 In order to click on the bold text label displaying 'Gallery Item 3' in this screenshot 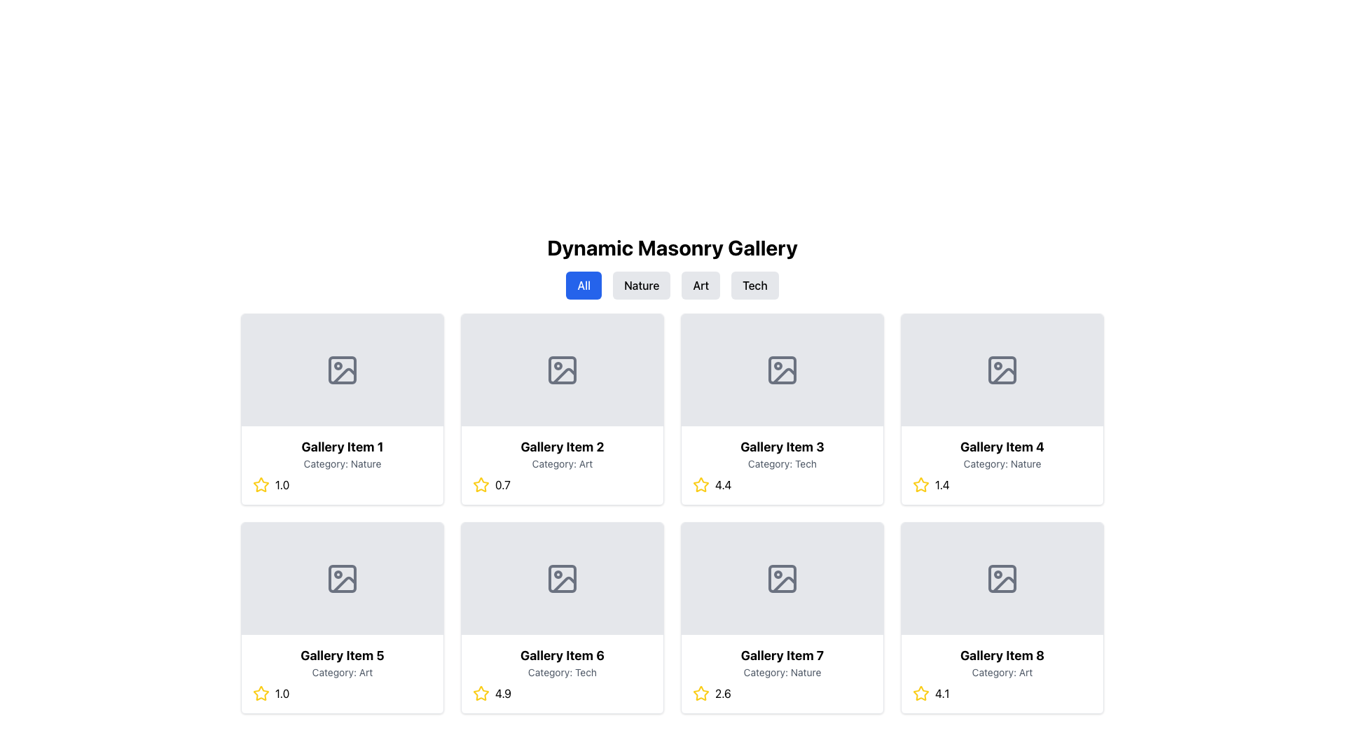, I will do `click(782, 447)`.